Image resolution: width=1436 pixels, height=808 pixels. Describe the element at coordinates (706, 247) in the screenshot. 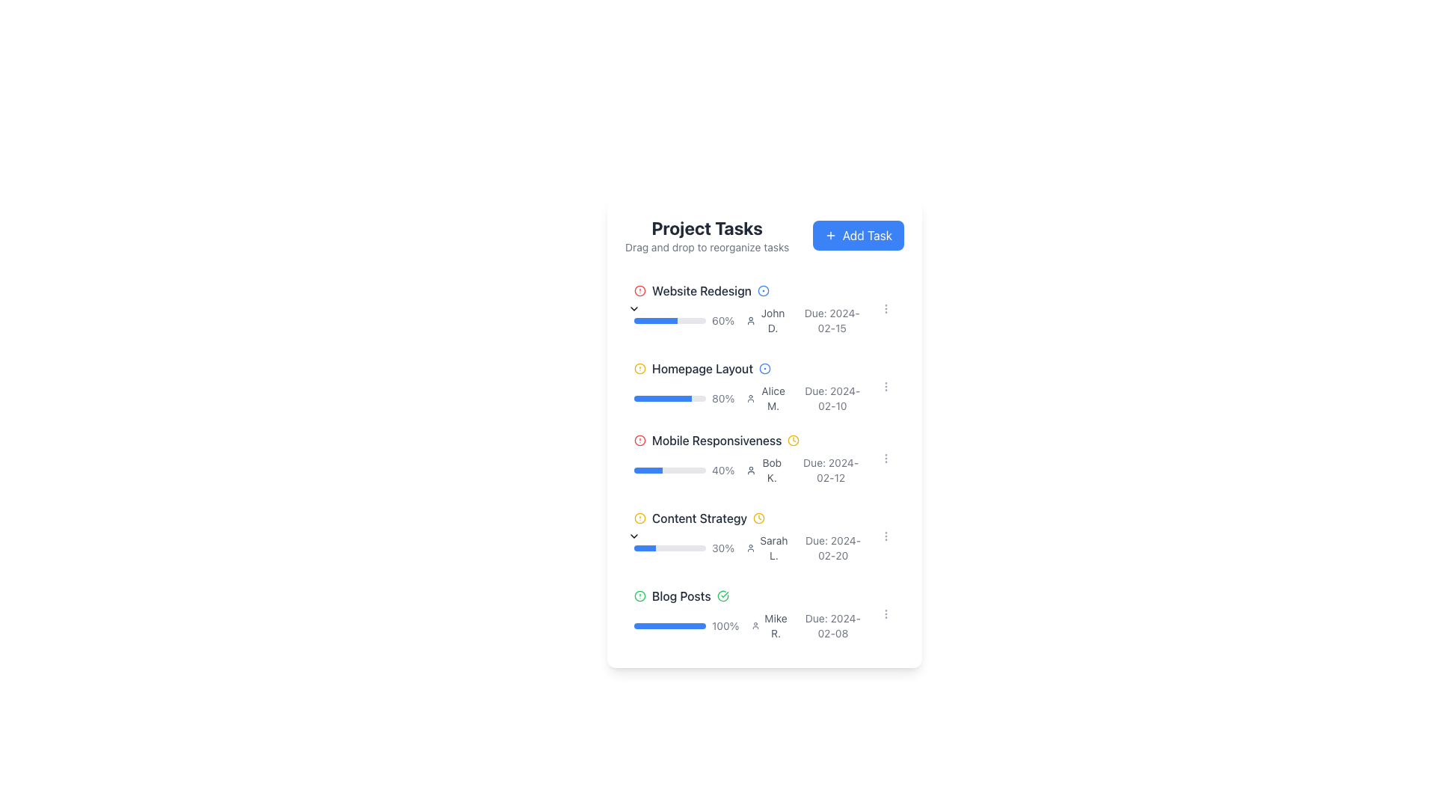

I see `the text label that reads 'Drag and drop to reorganize tasks', located below the heading 'Project Tasks'` at that location.